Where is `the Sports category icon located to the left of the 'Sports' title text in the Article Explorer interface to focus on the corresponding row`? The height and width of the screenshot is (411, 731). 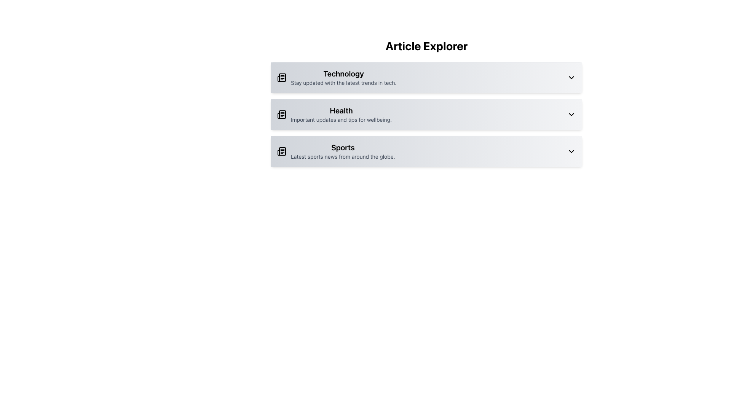
the Sports category icon located to the left of the 'Sports' title text in the Article Explorer interface to focus on the corresponding row is located at coordinates (281, 151).